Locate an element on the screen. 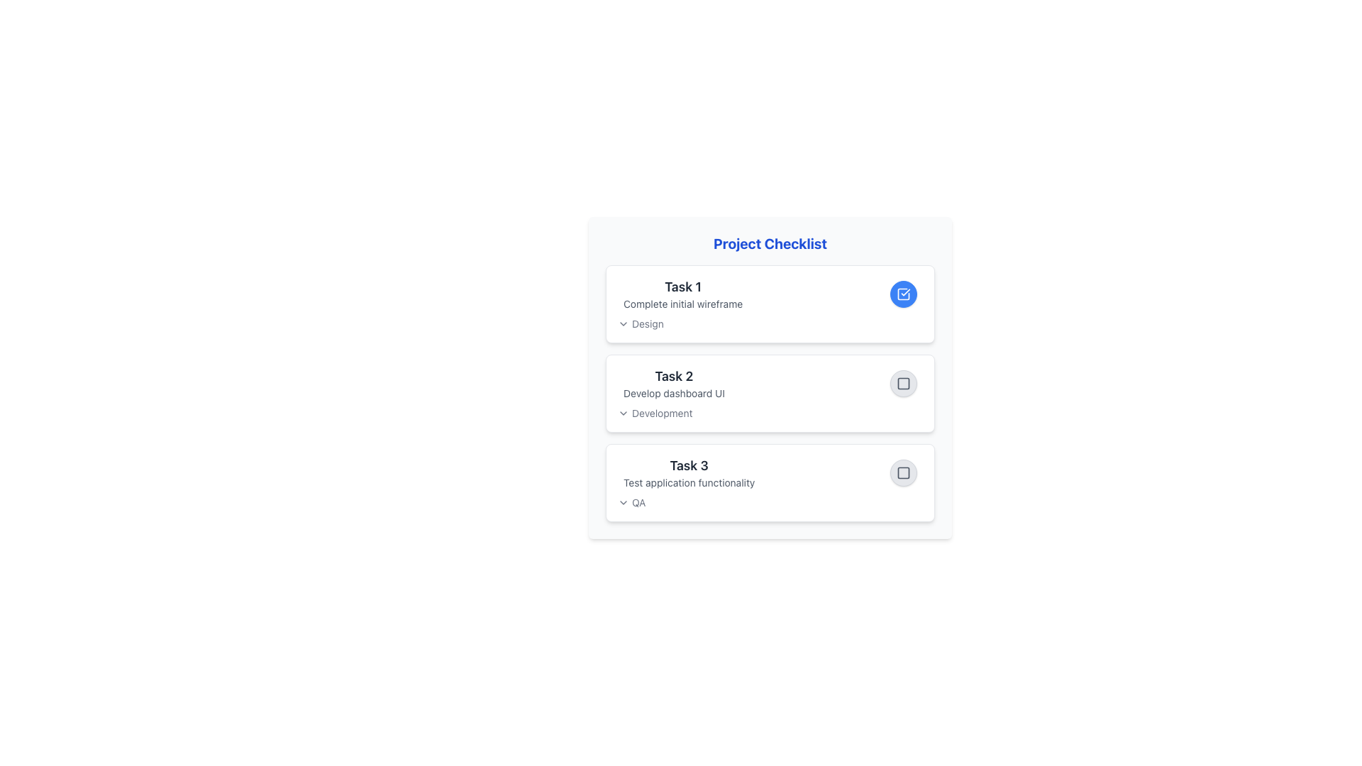 The width and height of the screenshot is (1362, 766). and interpret the text label displaying 'QA' which is located in the third task section of the 'Project Checklist' is located at coordinates (638, 502).